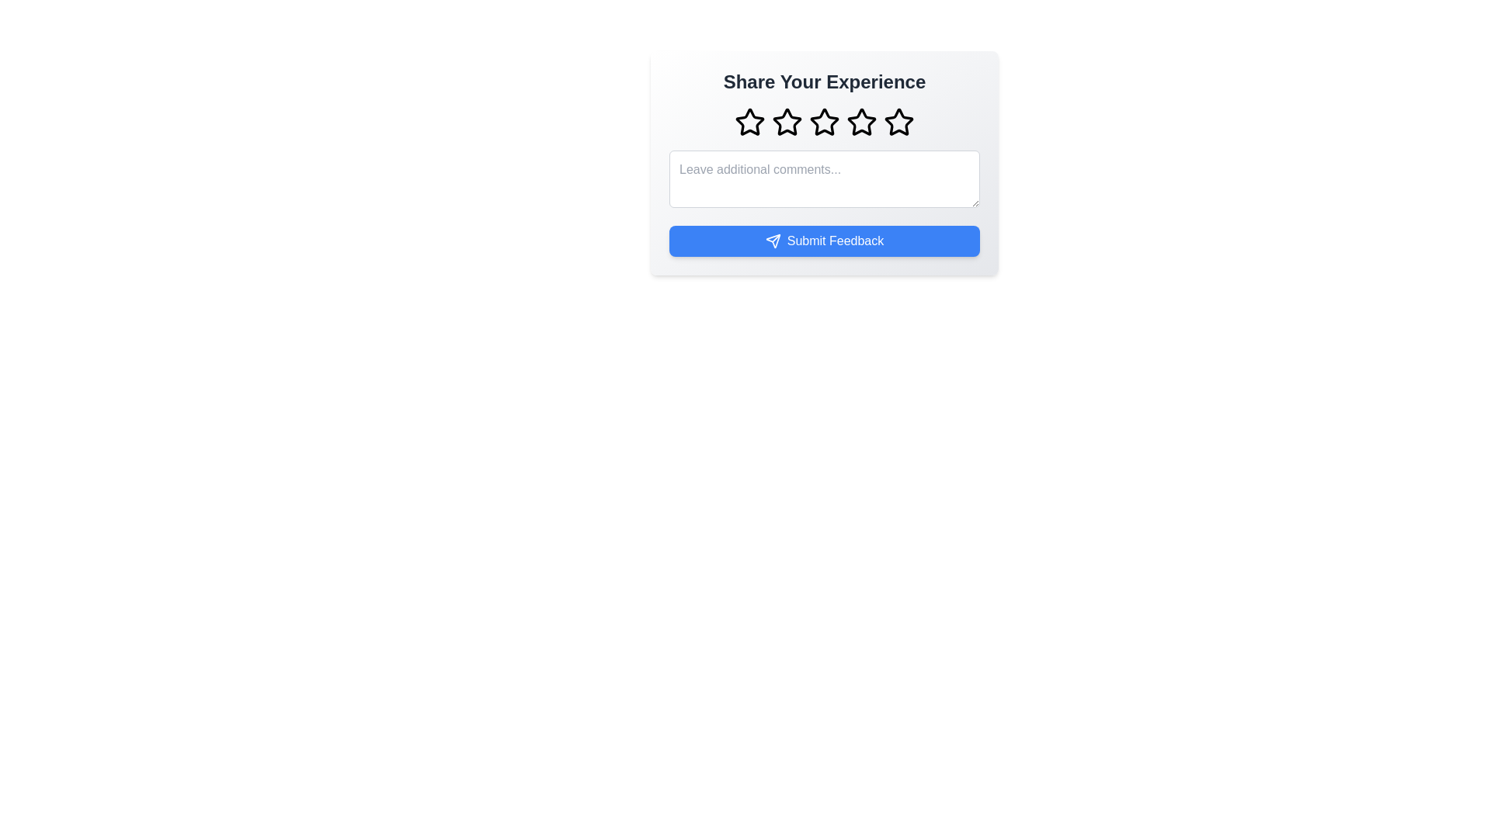 Image resolution: width=1491 pixels, height=838 pixels. What do you see at coordinates (823, 122) in the screenshot?
I see `the star icon in the Rating component located below the 'Share Your Experience' title` at bounding box center [823, 122].